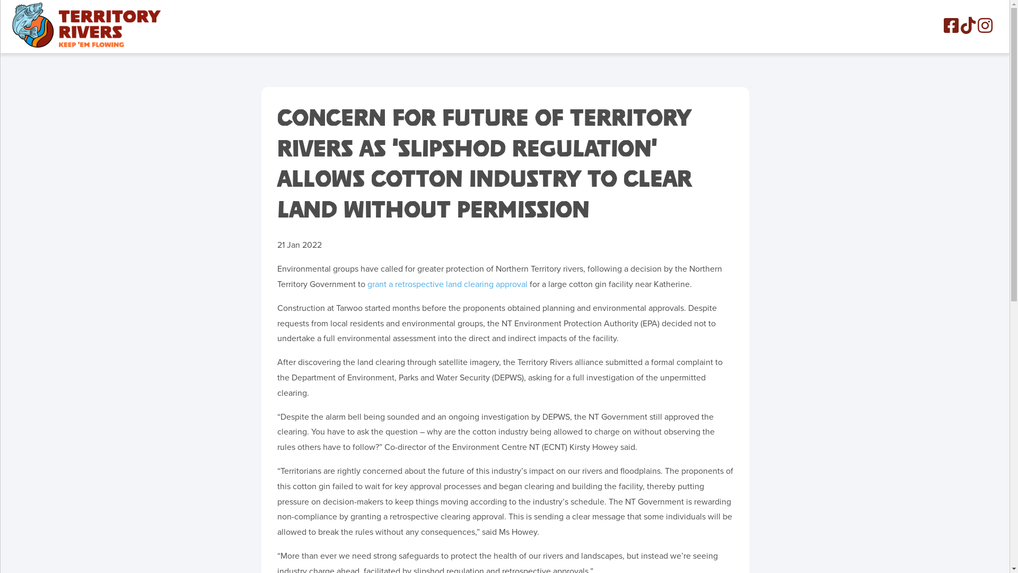  What do you see at coordinates (968, 24) in the screenshot?
I see `'TikTok'` at bounding box center [968, 24].